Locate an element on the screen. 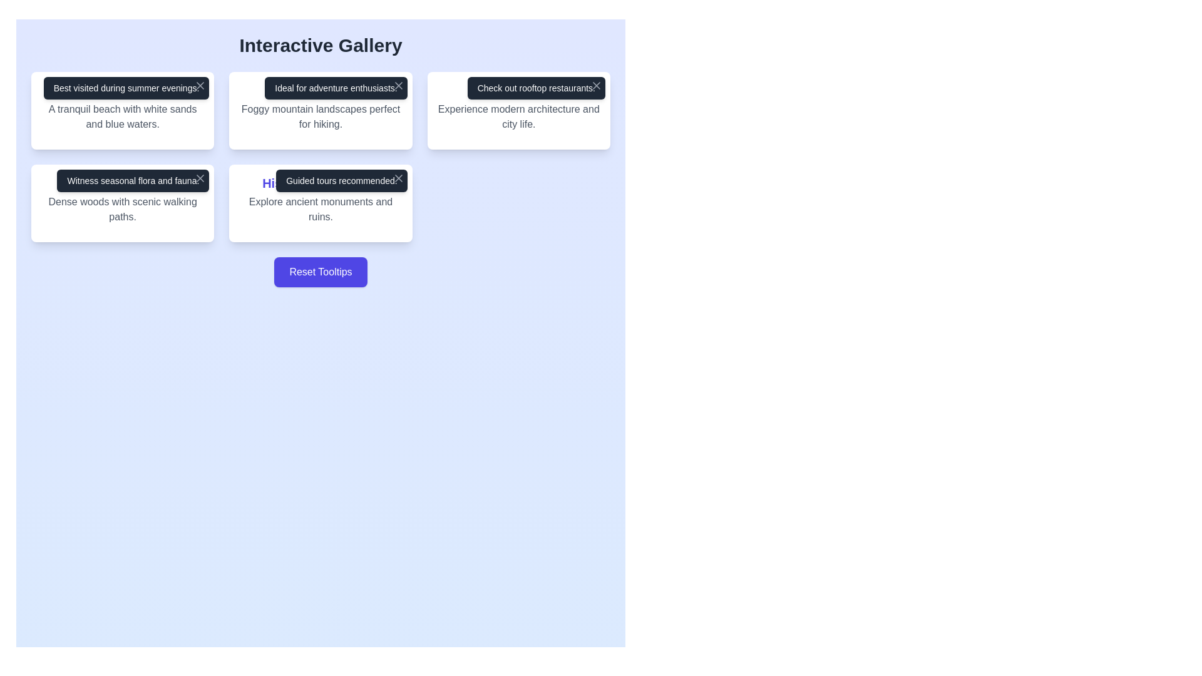  the 'X' icon located in the upper-right corner of the 'Ideal for adventure enthusiasts' card is located at coordinates (398, 85).